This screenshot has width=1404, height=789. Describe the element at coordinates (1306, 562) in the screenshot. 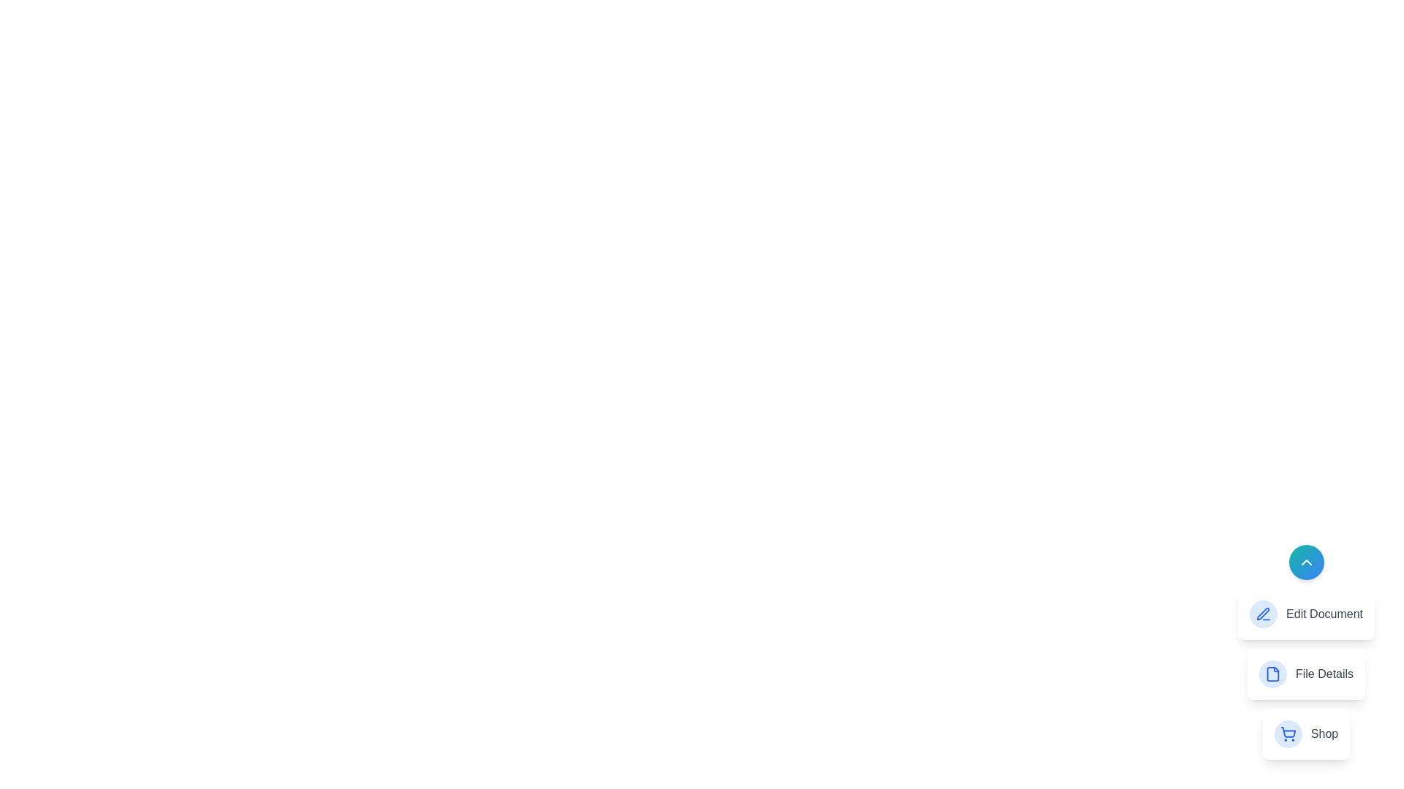

I see `toggle button to change the visibility of the speed dial menu` at that location.